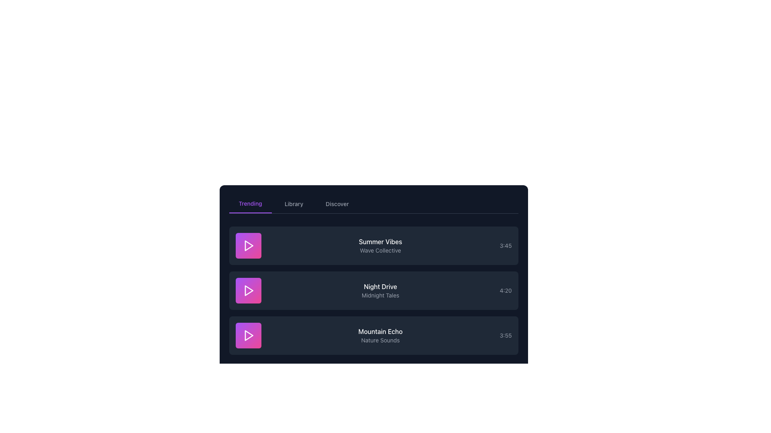  I want to click on the square button with a gradient background transitioning from purple to pink and a white play icon in the center, located at the leftmost side of the third row containing 'Mountain Echo', 'Nature Sounds', and '3:55', so click(248, 336).